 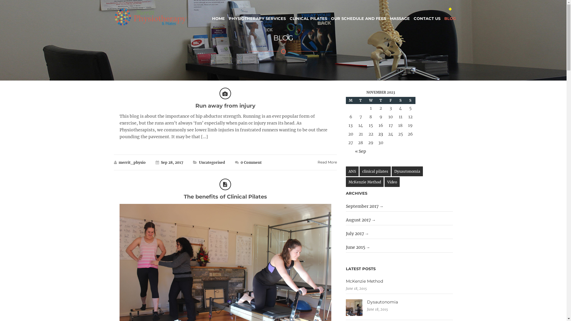 What do you see at coordinates (357, 233) in the screenshot?
I see `'July 2017'` at bounding box center [357, 233].